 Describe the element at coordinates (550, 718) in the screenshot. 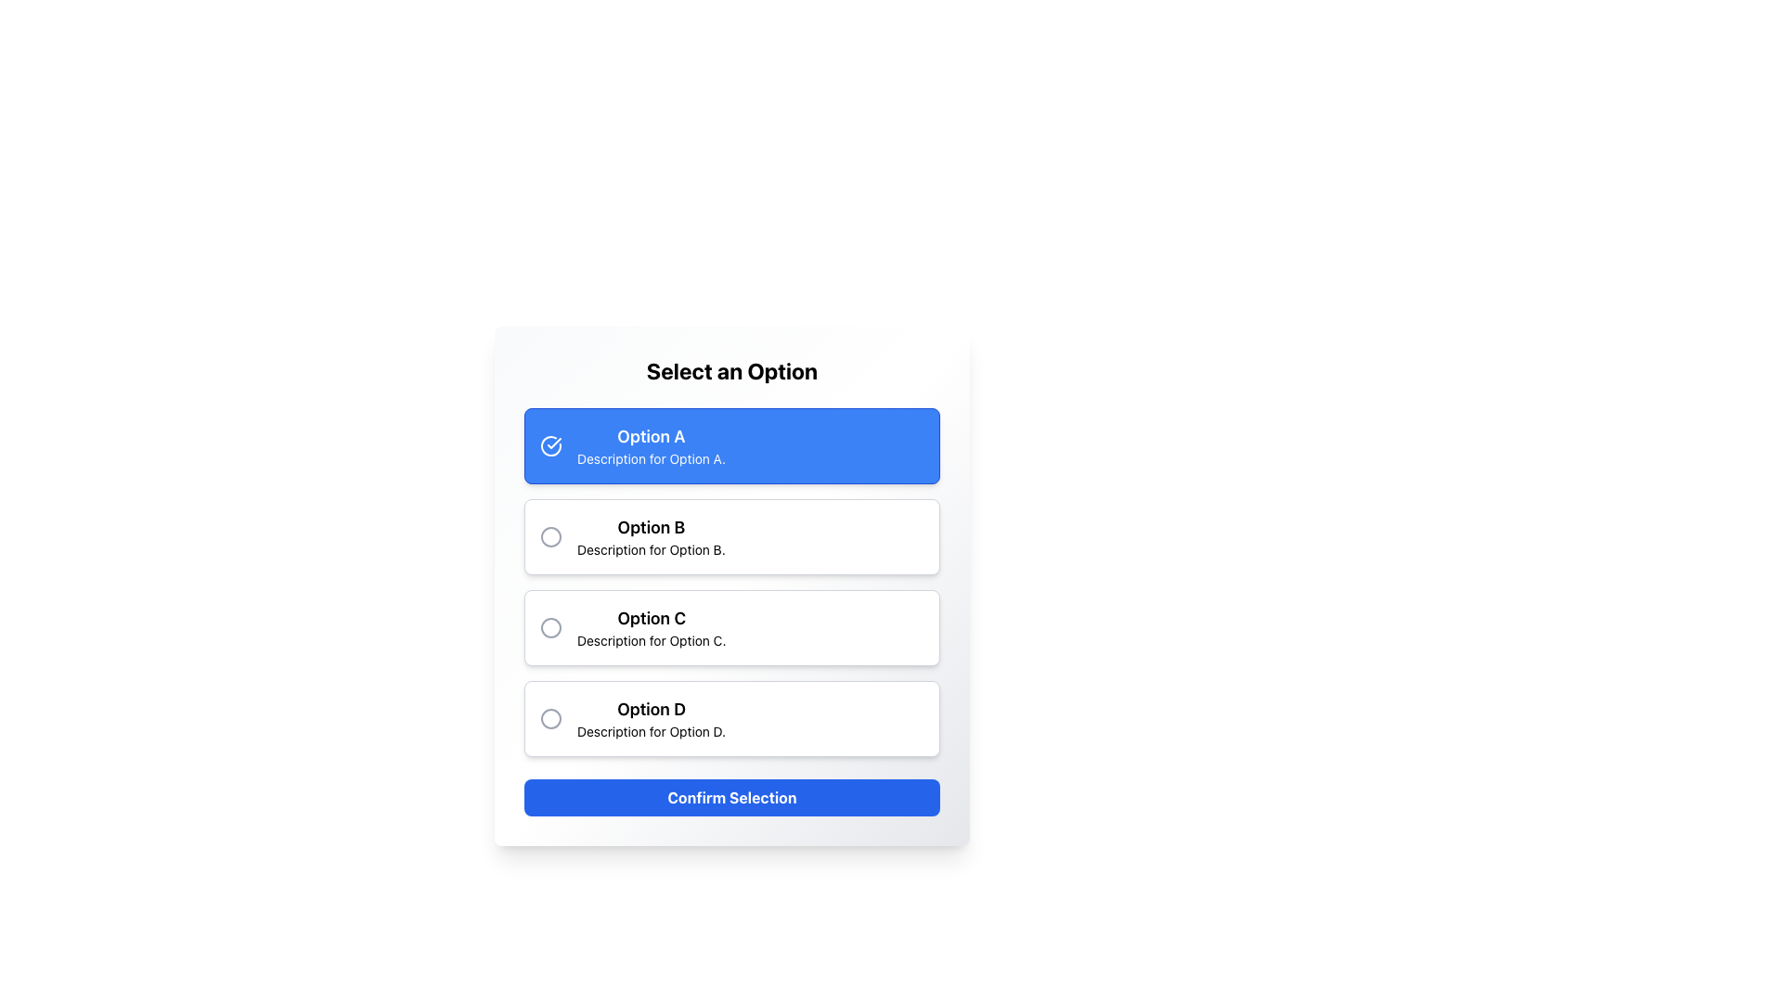

I see `the circular radio button with a gray stroke located to the left of the 'Option D' text` at that location.